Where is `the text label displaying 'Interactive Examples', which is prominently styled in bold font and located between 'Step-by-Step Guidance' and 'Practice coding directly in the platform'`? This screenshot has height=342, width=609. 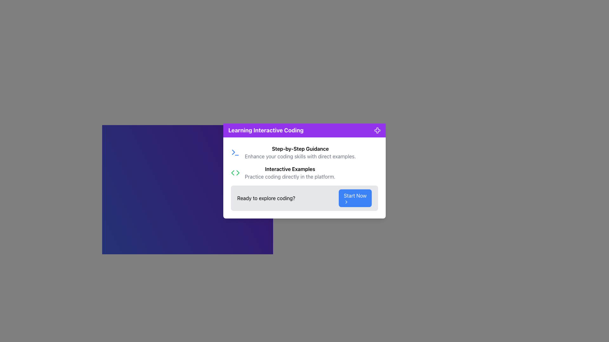
the text label displaying 'Interactive Examples', which is prominently styled in bold font and located between 'Step-by-Step Guidance' and 'Practice coding directly in the platform' is located at coordinates (290, 168).